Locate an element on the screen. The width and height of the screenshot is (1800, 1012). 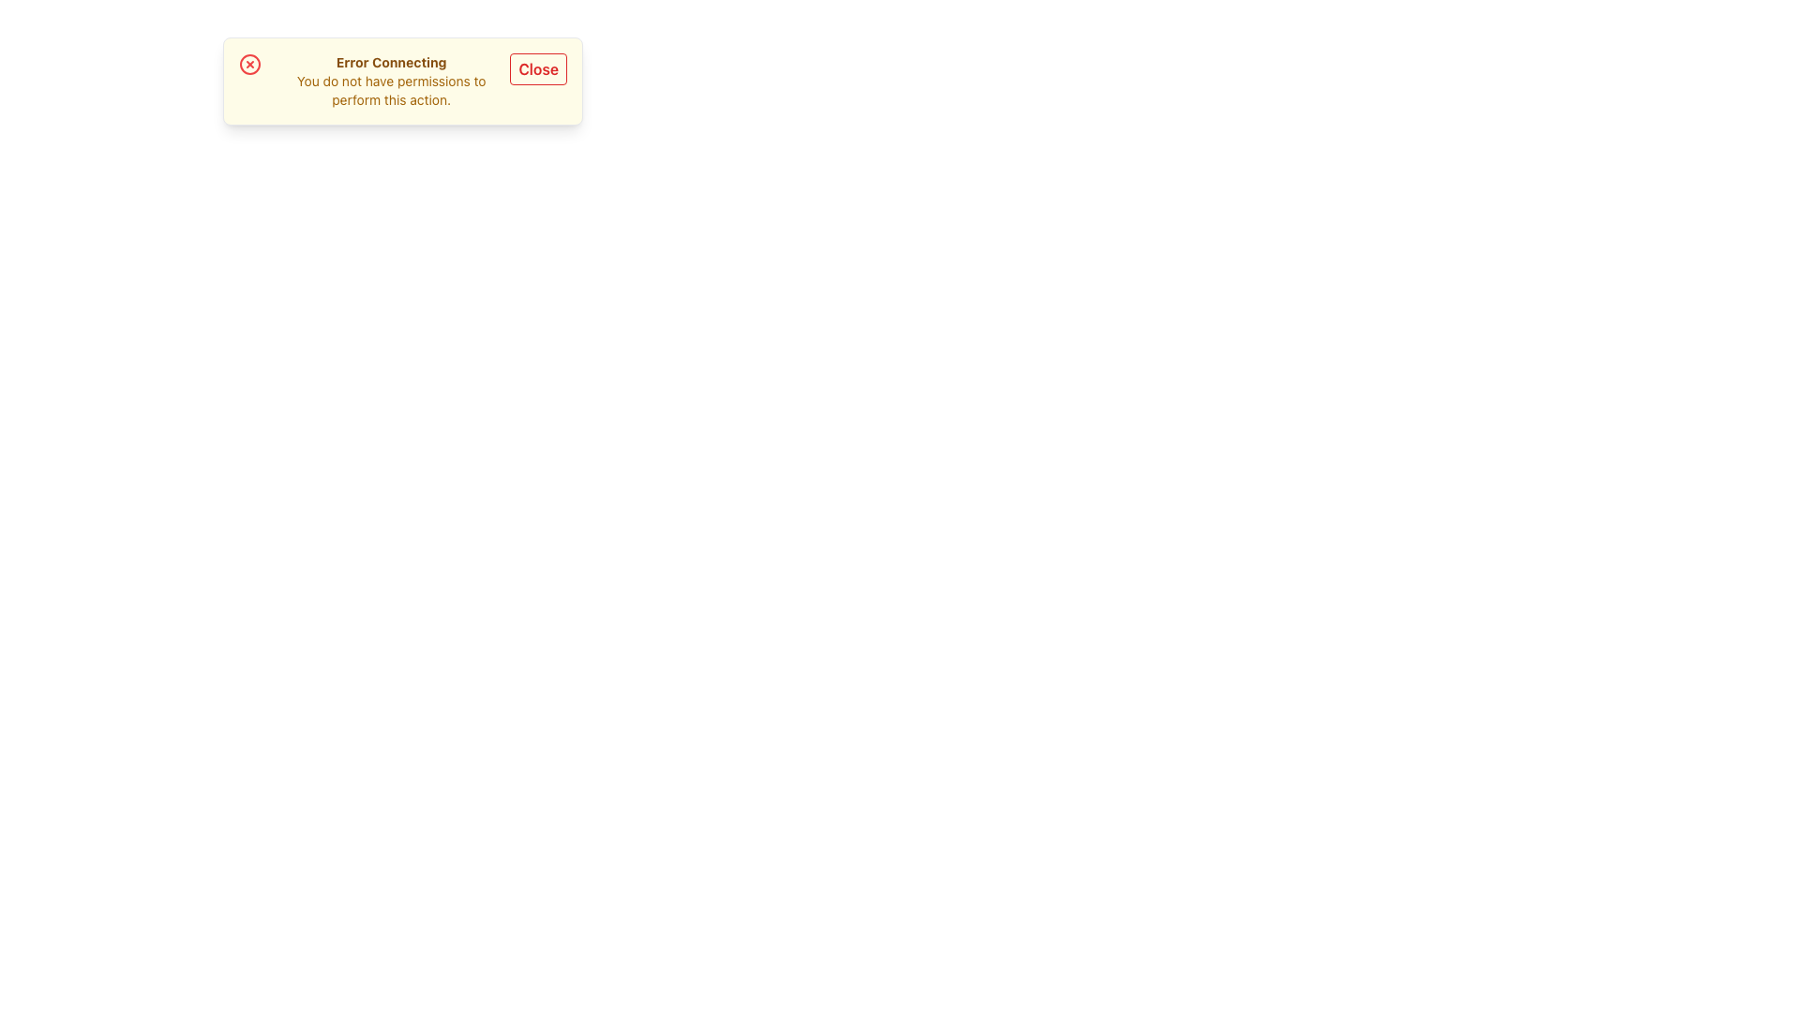
the red circular icon with a cross symbol, which is located in the top-left corner of the error message dialog box is located at coordinates (249, 64).